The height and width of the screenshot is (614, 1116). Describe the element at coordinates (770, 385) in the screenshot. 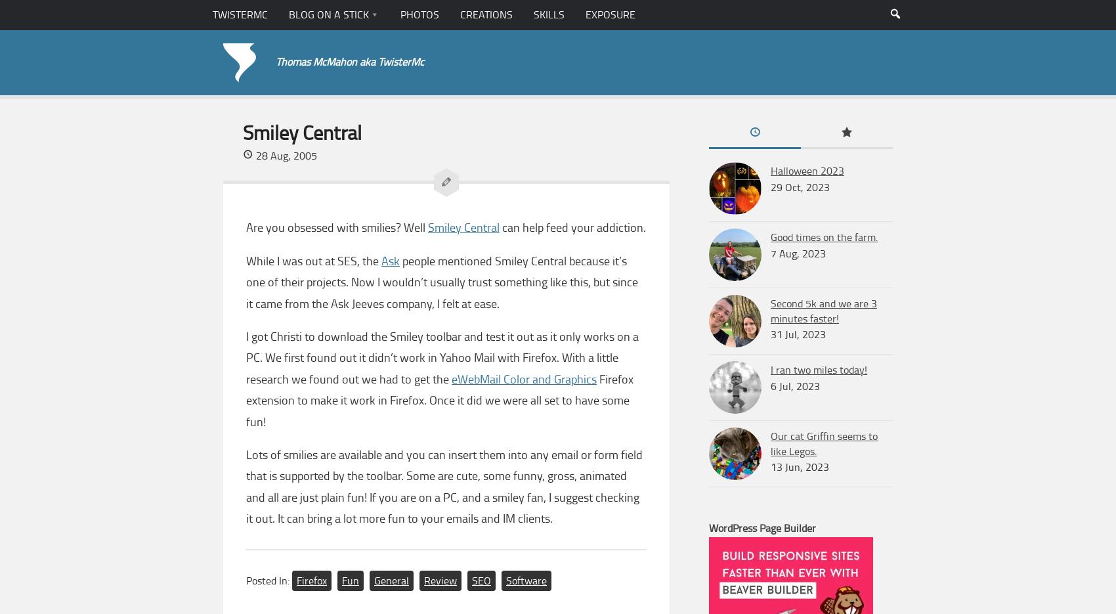

I see `'6 Jul, 2023'` at that location.